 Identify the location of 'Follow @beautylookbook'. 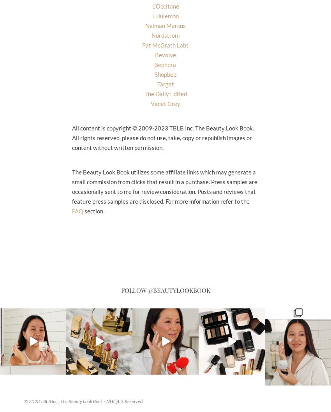
(165, 290).